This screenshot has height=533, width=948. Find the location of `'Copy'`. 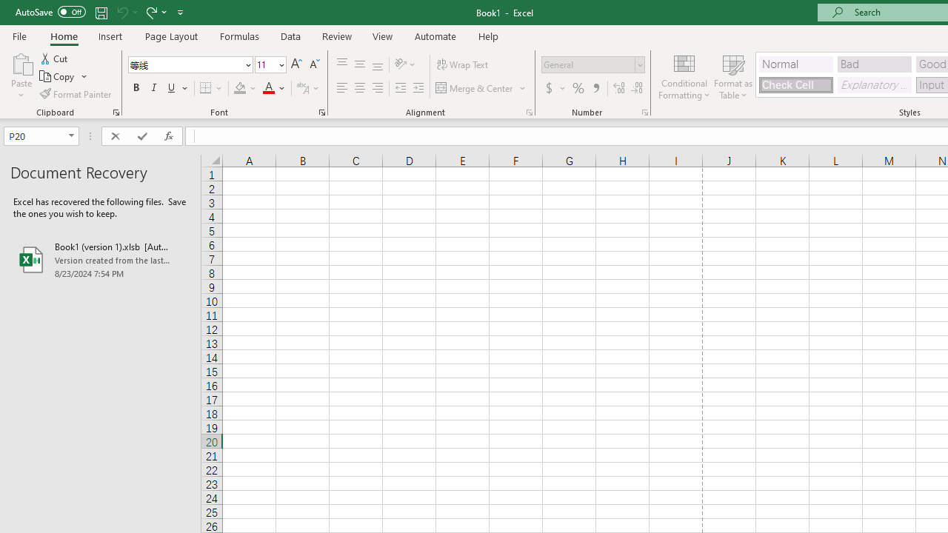

'Copy' is located at coordinates (63, 76).